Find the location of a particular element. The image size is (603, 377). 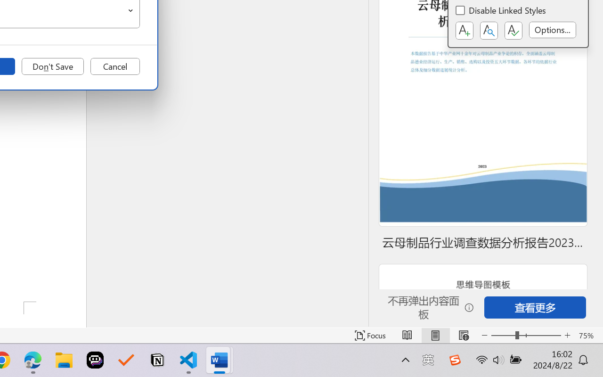

'Zoom Out' is located at coordinates (503, 335).